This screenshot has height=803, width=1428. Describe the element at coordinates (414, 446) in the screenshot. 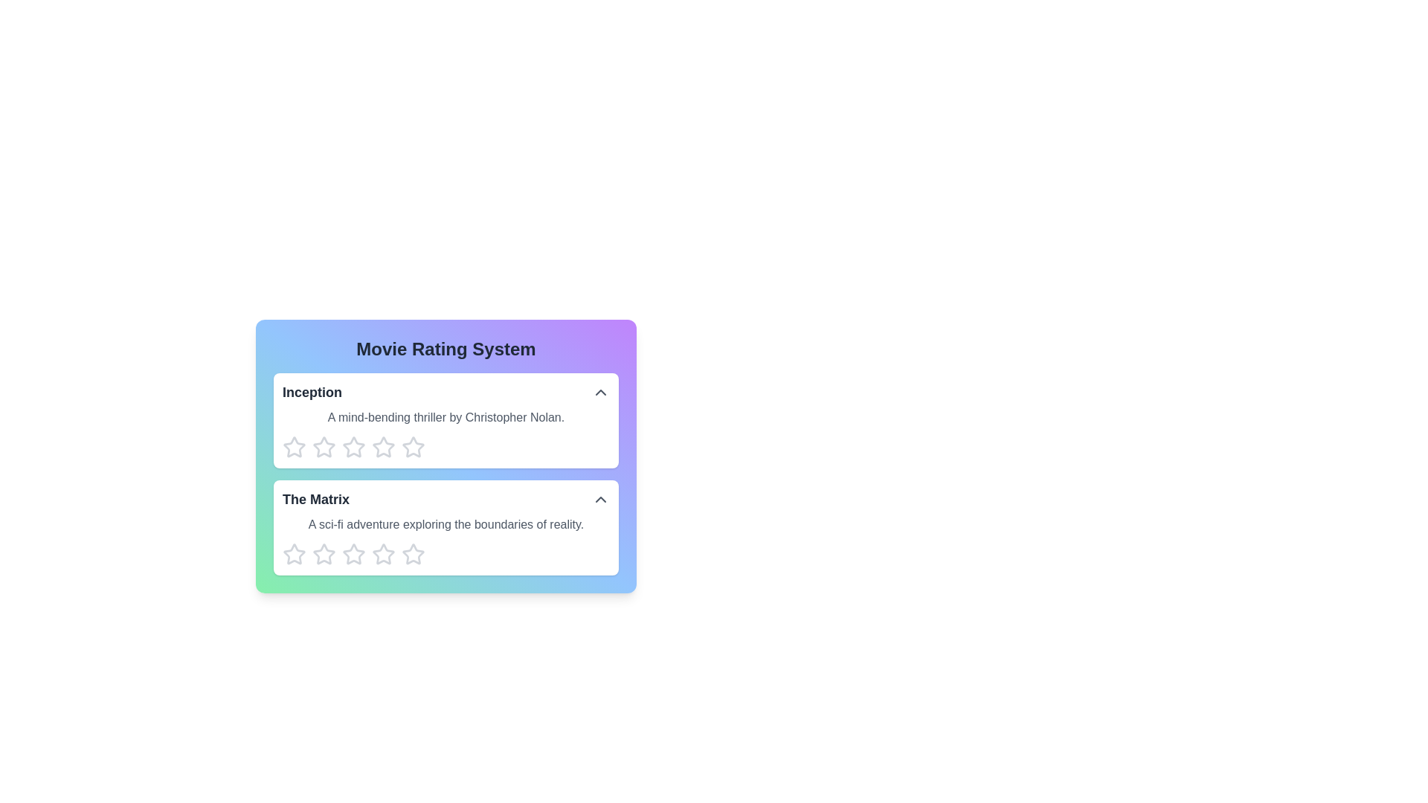

I see `the fourth hollow star icon in the horizontal row of five gray star icons to rate the movie 'Inception' as four stars` at that location.